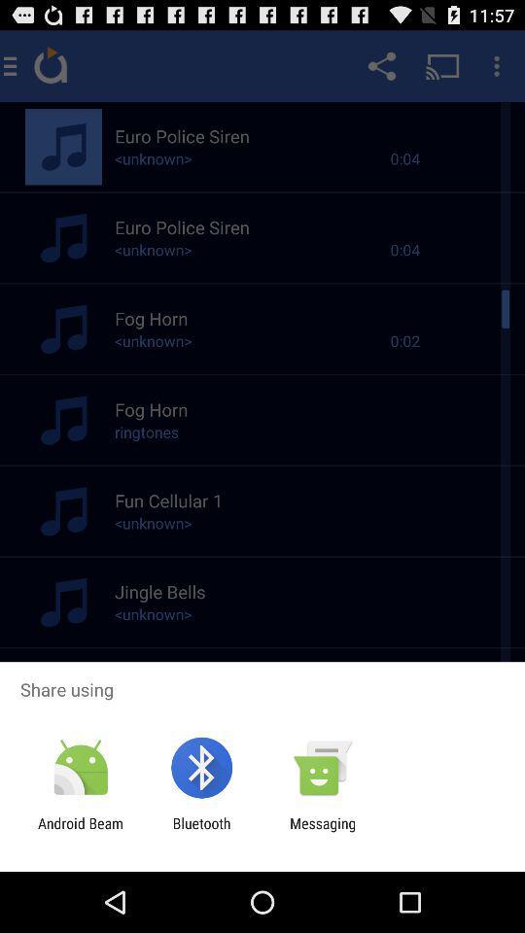 This screenshot has height=933, width=525. Describe the element at coordinates (323, 831) in the screenshot. I see `the messaging` at that location.